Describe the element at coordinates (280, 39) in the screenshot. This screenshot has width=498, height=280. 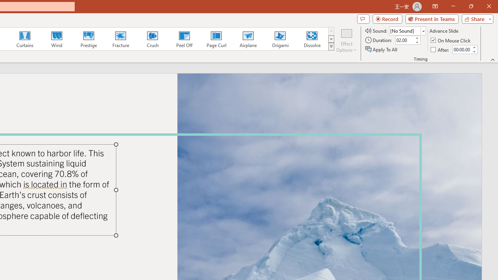
I see `'Origami'` at that location.